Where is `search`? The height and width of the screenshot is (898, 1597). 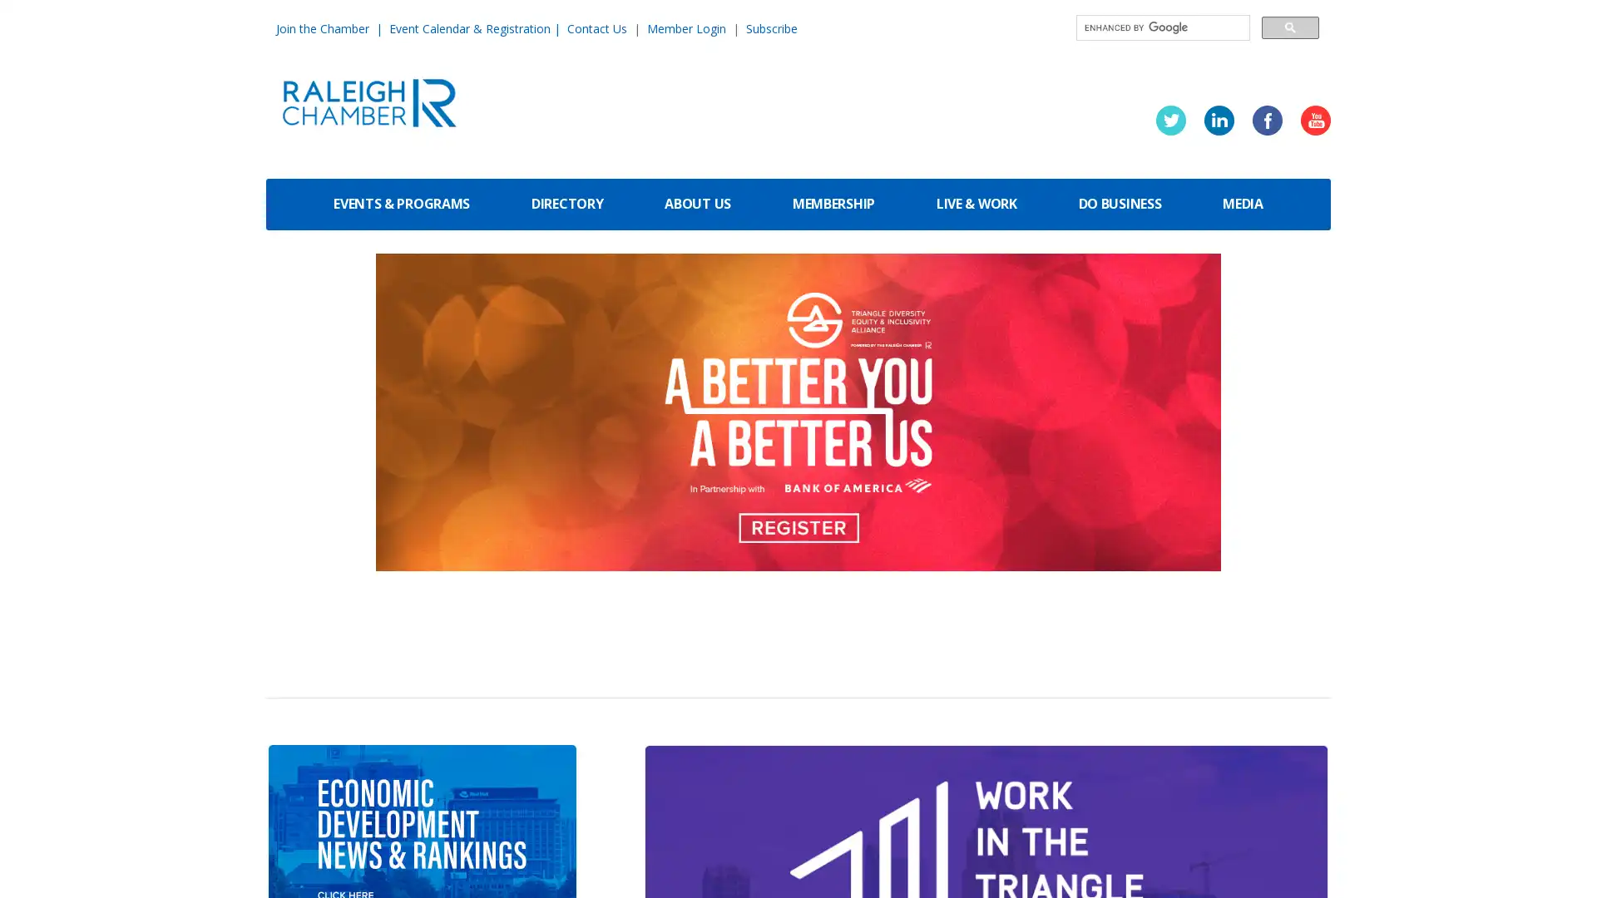
search is located at coordinates (1289, 27).